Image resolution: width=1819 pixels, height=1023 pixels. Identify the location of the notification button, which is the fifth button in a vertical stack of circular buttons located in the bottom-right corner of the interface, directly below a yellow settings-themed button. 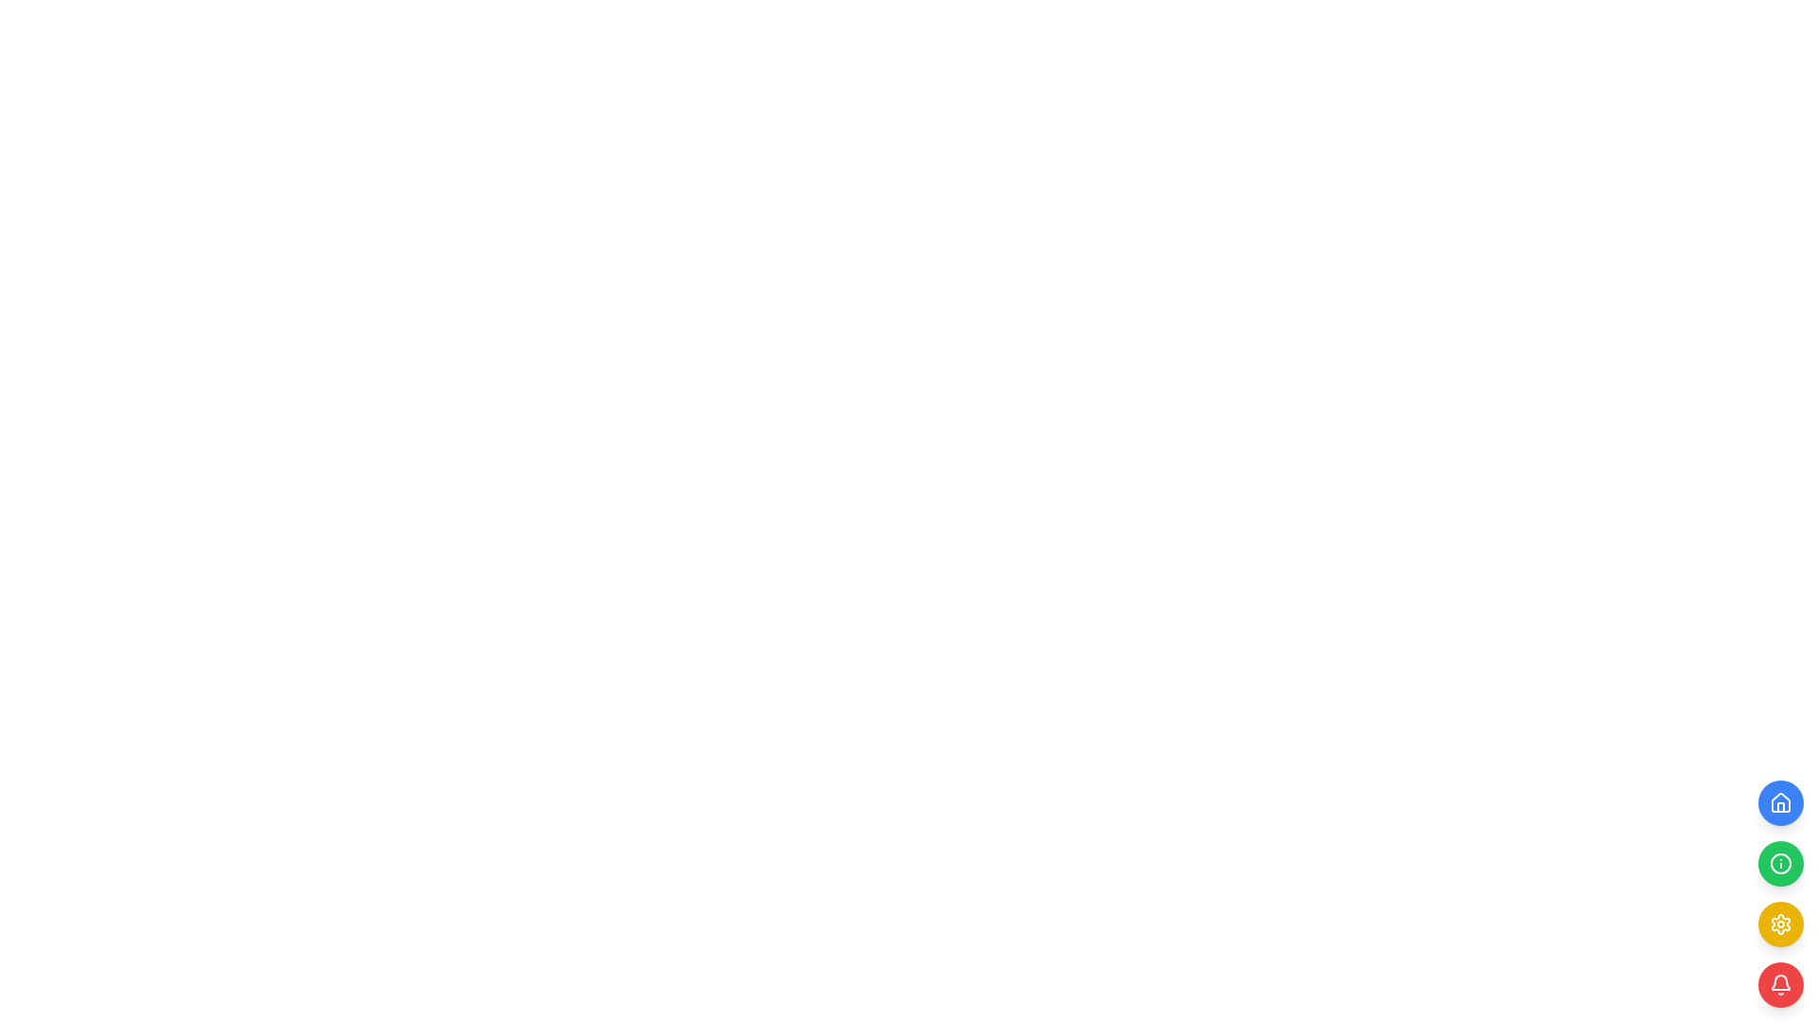
(1780, 984).